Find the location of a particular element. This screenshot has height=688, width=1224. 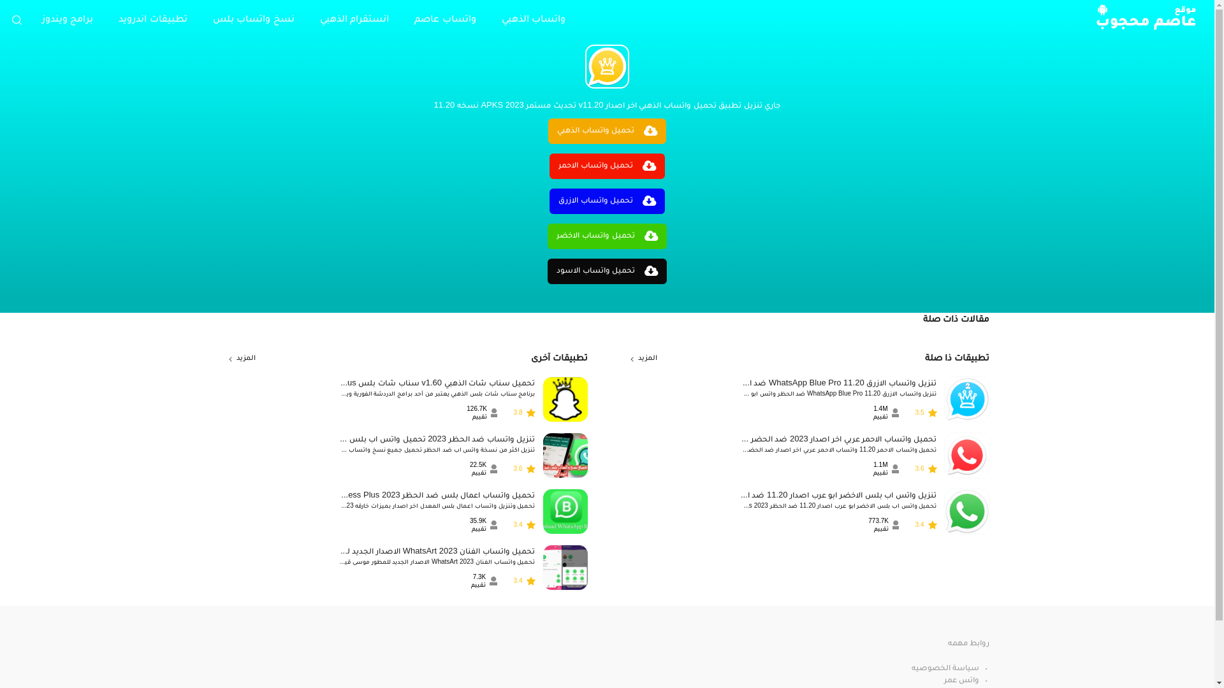

'search button' is located at coordinates (16, 19).